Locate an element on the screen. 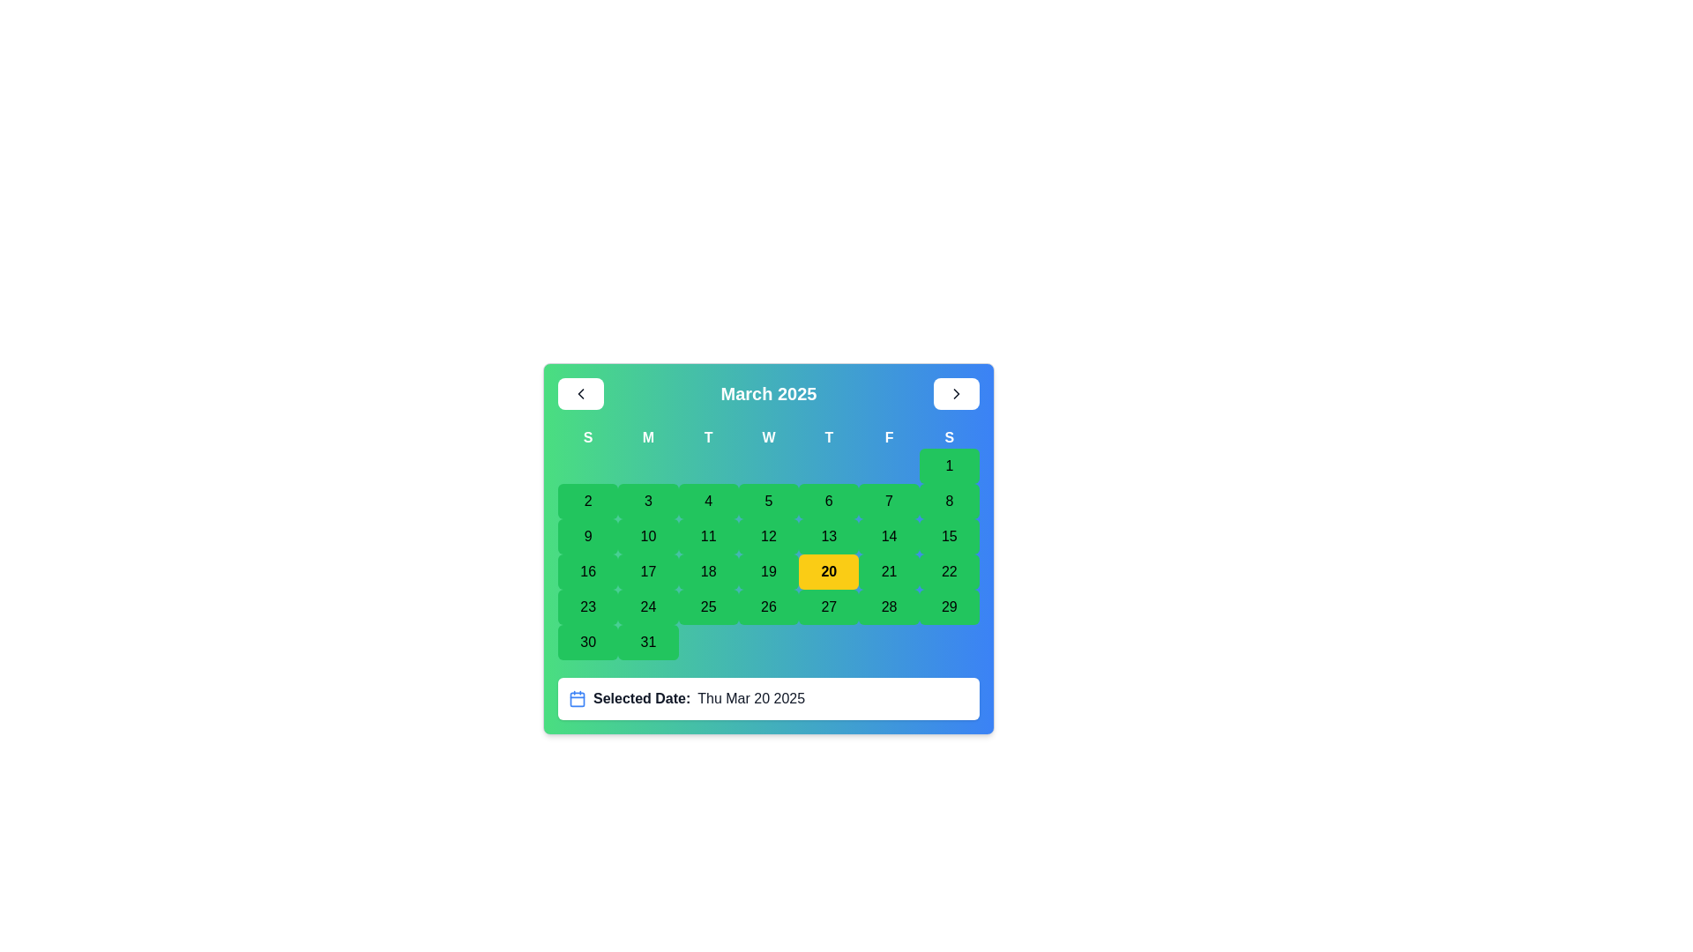 This screenshot has height=952, width=1693. the Label Row element that serves as the header for the calendar, labeling the days of the week, positioned below the 'March 2025' heading is located at coordinates (769, 437).